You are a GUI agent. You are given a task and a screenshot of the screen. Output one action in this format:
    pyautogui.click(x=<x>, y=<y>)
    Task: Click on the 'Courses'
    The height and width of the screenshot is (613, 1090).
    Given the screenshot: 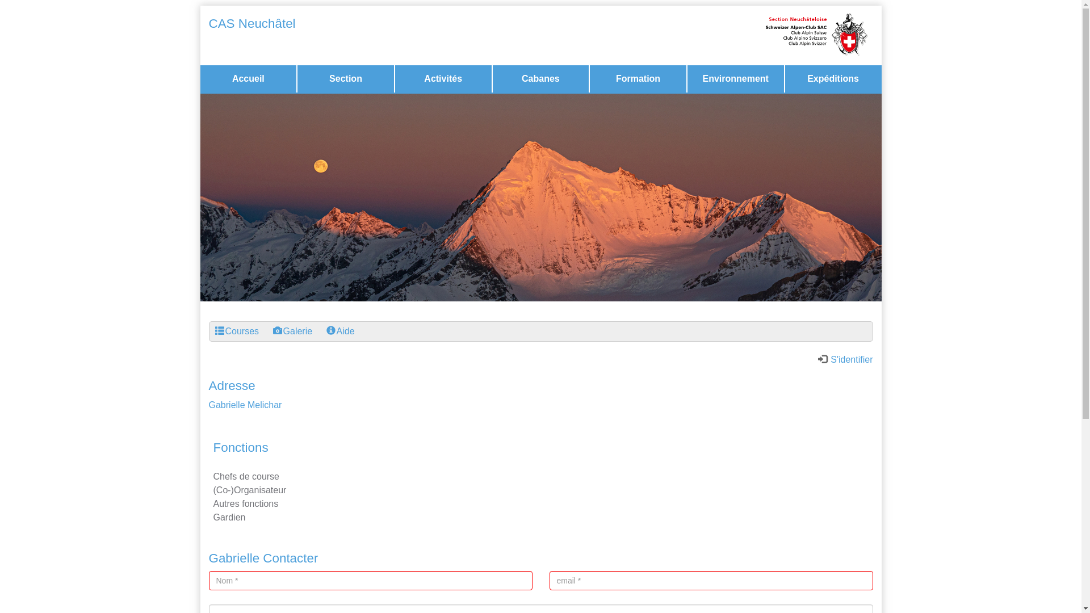 What is the action you would take?
    pyautogui.click(x=215, y=330)
    